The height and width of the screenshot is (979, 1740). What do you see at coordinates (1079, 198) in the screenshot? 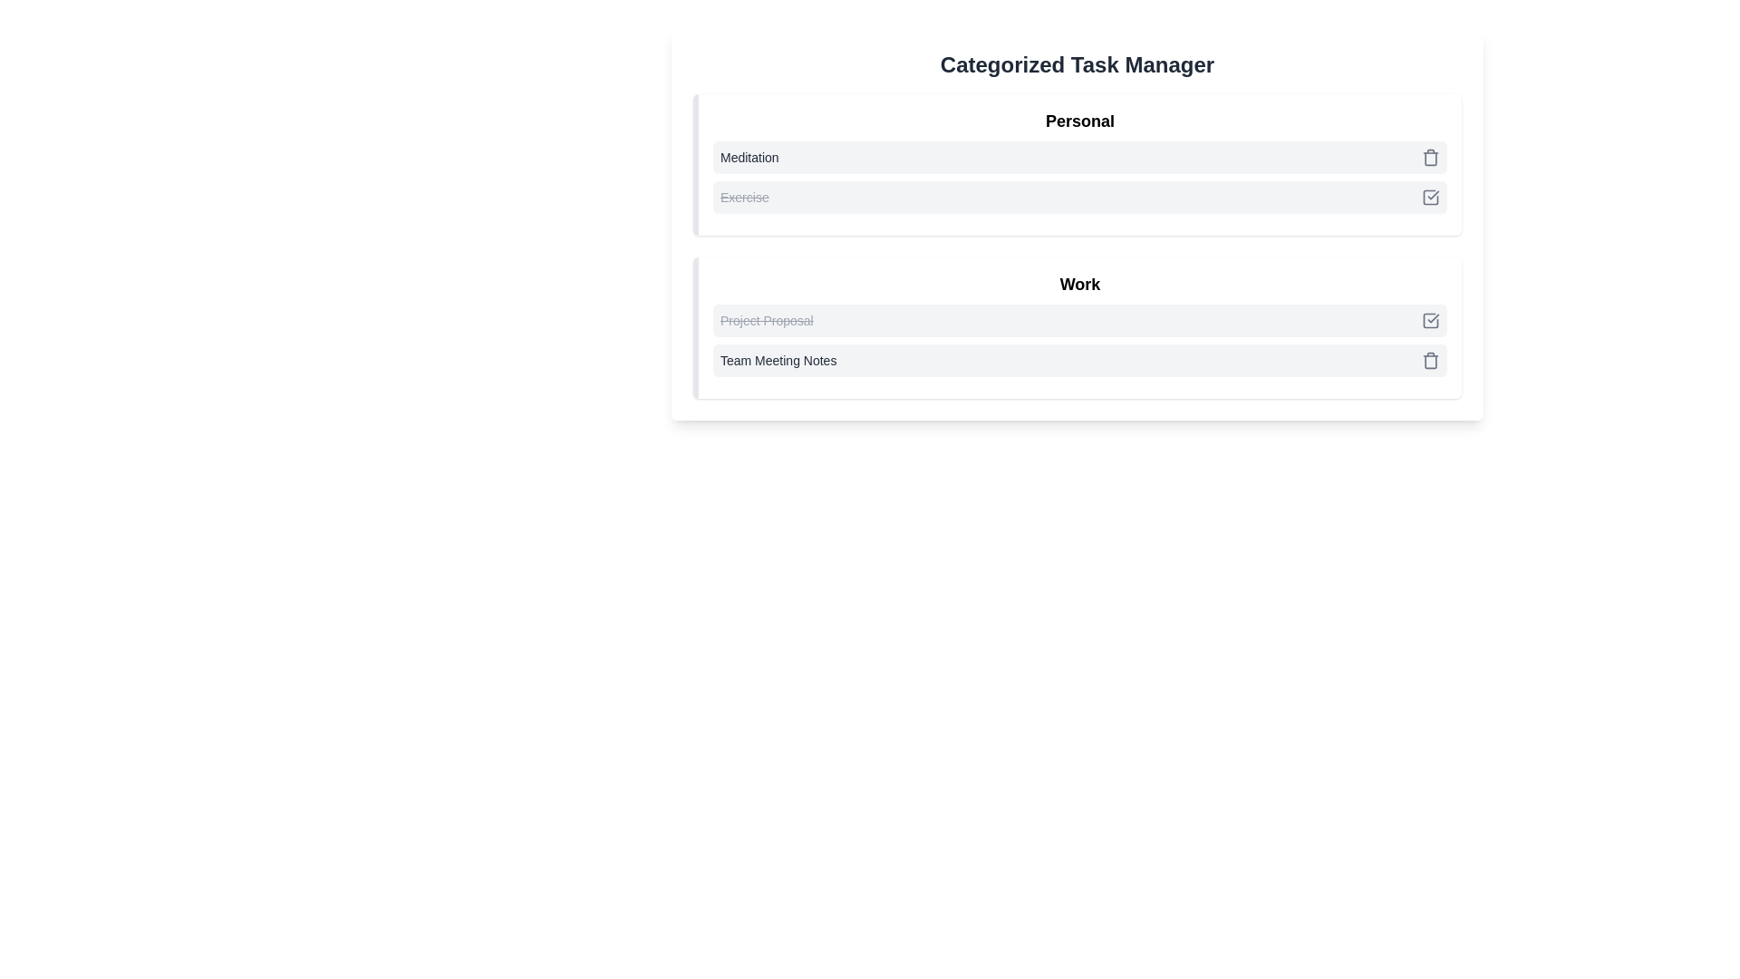
I see `the 'Exercise' task entry element with a light gray background and rounded corners` at bounding box center [1079, 198].